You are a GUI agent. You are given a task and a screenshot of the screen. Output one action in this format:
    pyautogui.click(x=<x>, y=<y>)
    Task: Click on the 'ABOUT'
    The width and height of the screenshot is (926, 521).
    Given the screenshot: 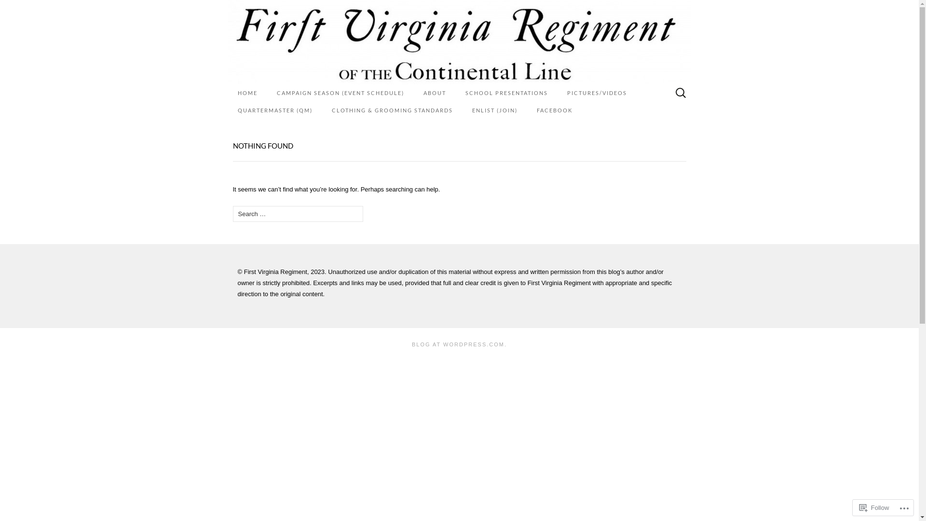 What is the action you would take?
    pyautogui.click(x=434, y=93)
    